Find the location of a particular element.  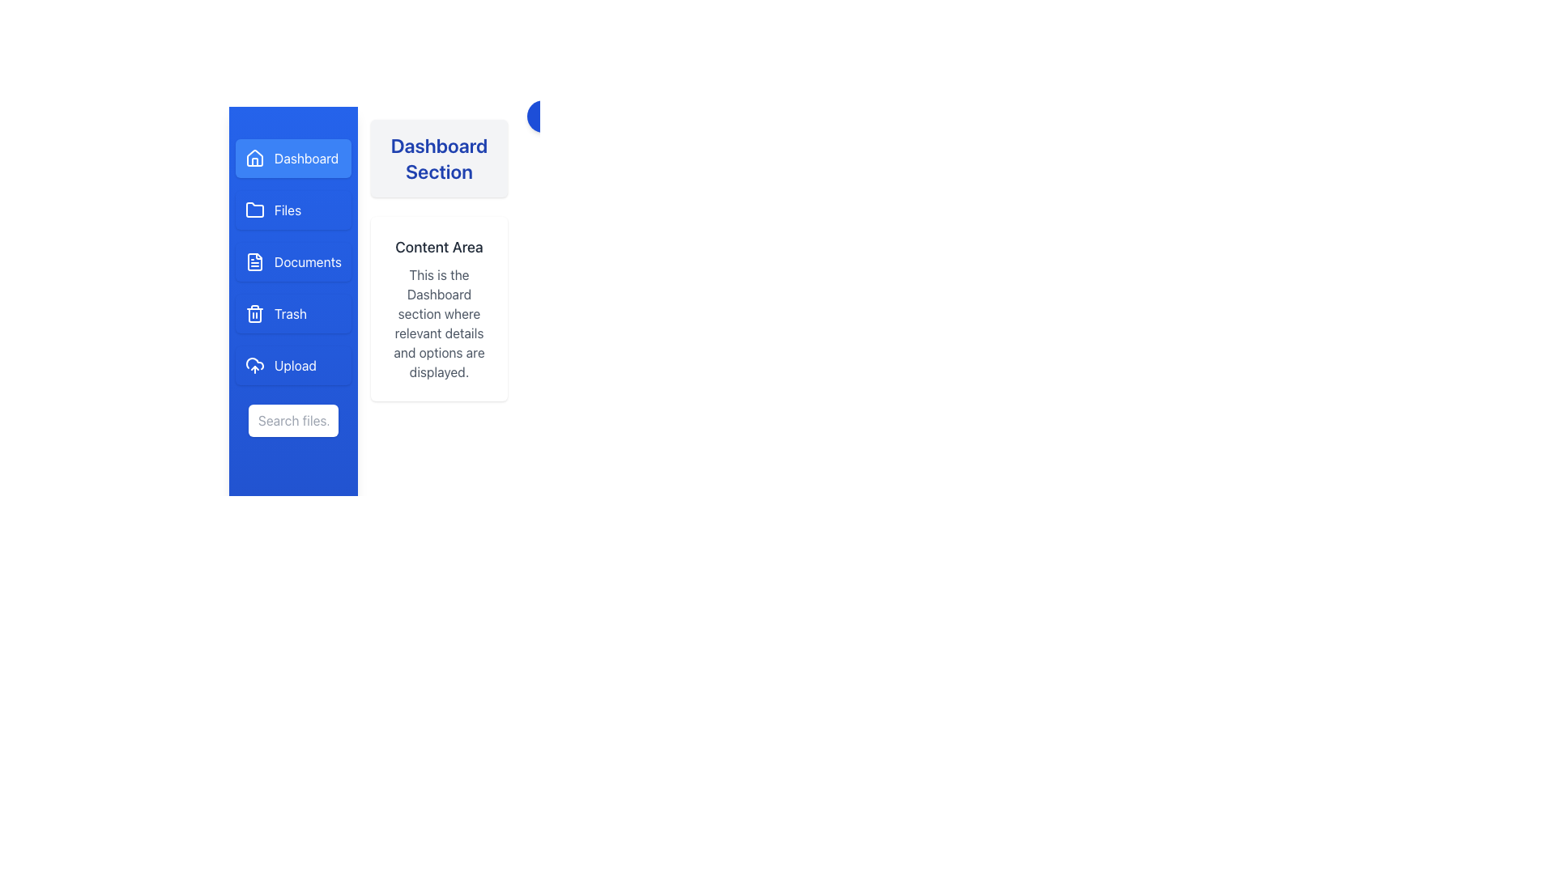

the Trash button located in the vertical menu on the left side of the interface, which is the fourth button from the top, using keyboard navigation is located at coordinates (293, 314).